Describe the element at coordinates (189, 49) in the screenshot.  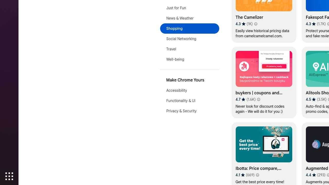
I see `'Travel'` at that location.